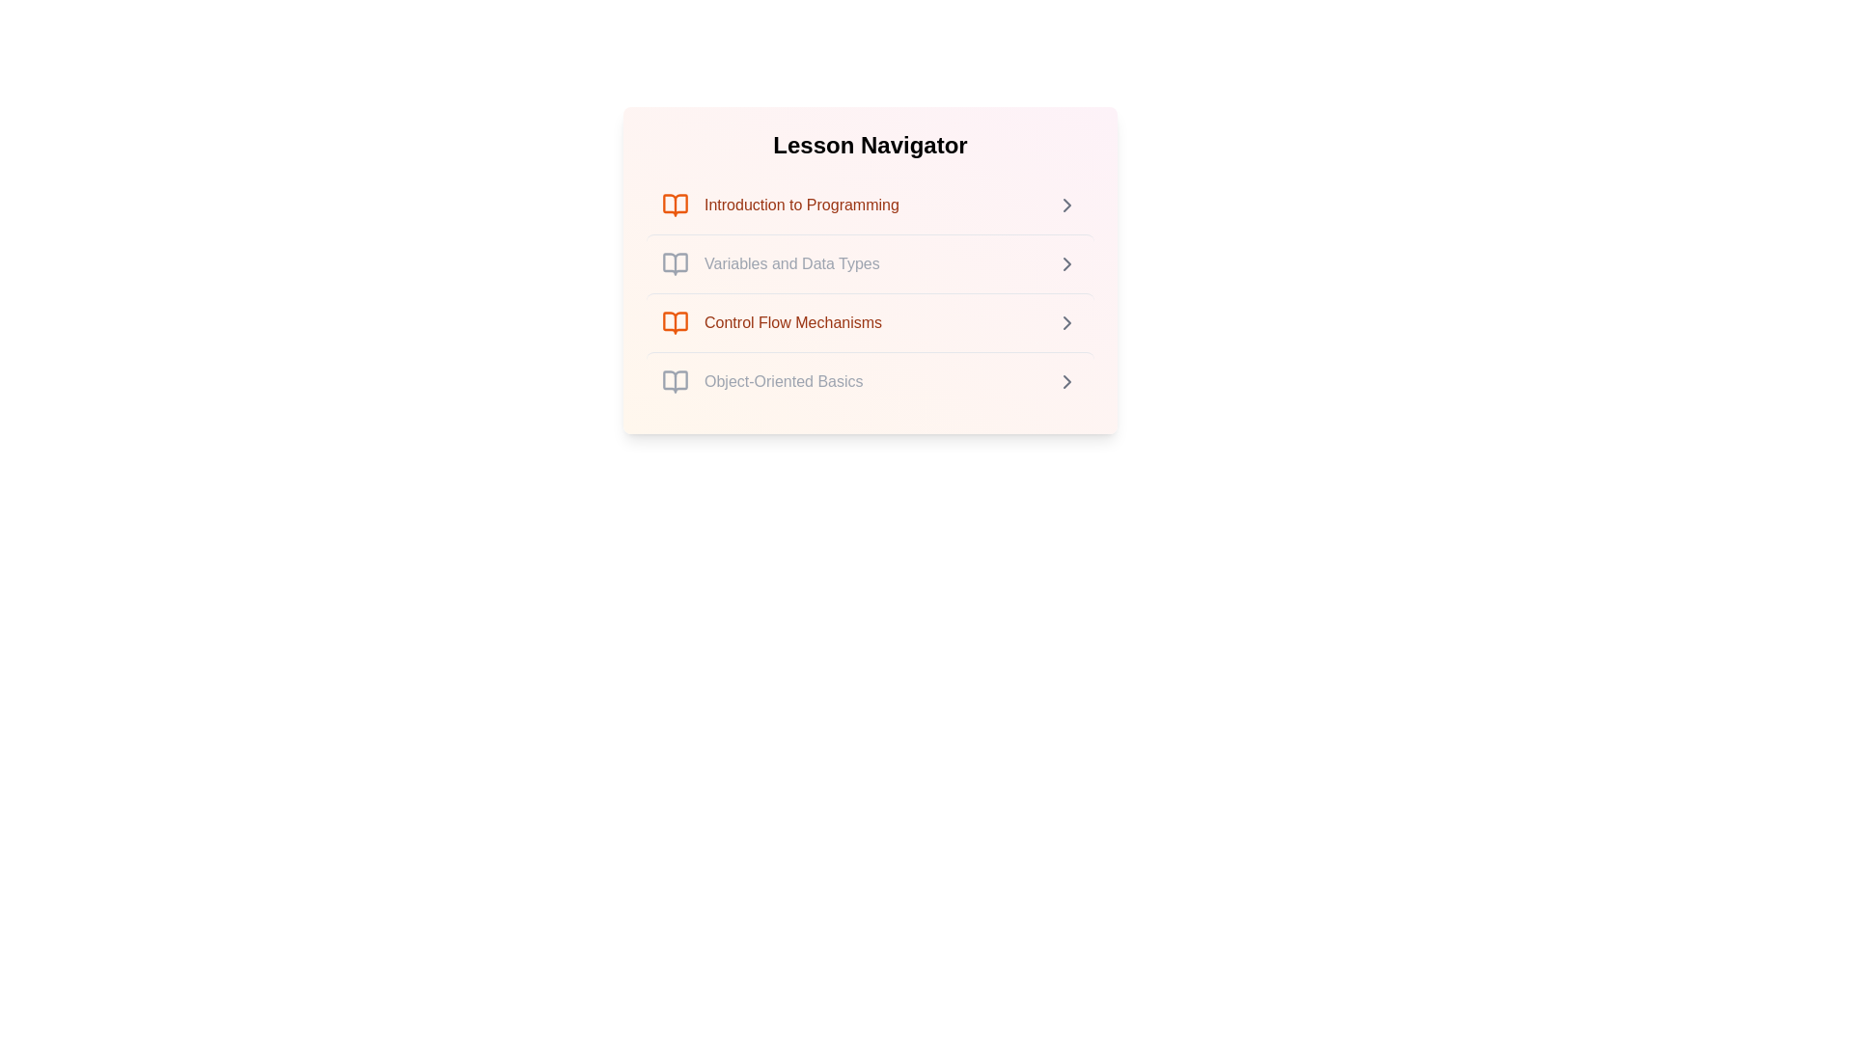  I want to click on the lesson item corresponding to Object-Oriented Basics, so click(870, 381).